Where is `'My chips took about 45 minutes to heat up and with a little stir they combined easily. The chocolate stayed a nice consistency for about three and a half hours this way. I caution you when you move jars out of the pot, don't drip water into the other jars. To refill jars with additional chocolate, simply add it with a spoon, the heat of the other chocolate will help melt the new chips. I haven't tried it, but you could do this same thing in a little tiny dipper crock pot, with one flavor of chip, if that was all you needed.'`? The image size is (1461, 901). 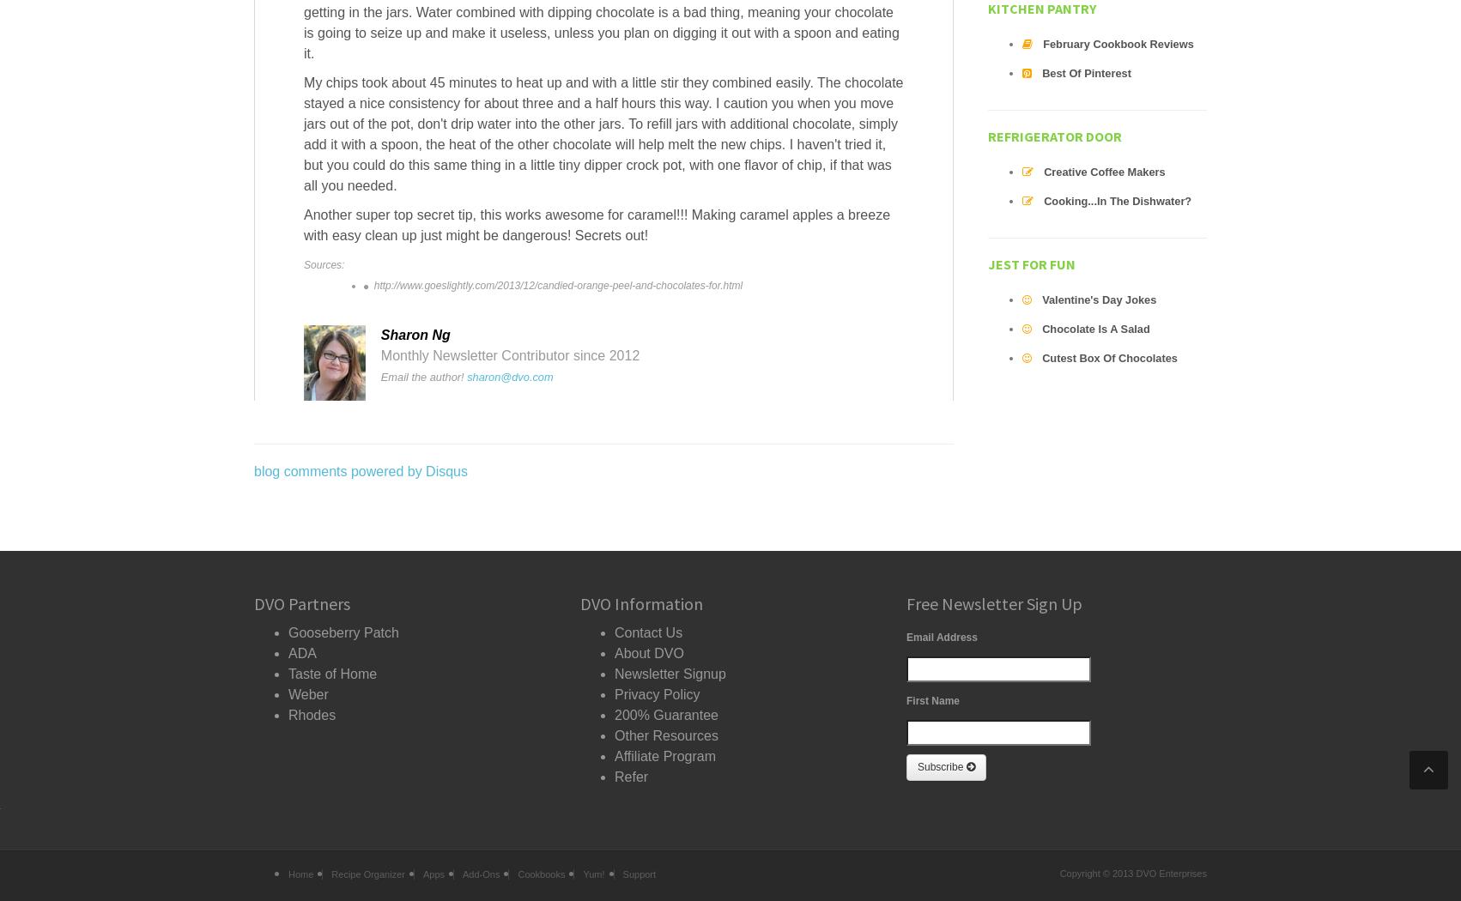
'My chips took about 45 minutes to heat up and with a little stir they combined easily. The chocolate stayed a nice consistency for about three and a half hours this way. I caution you when you move jars out of the pot, don't drip water into the other jars. To refill jars with additional chocolate, simply add it with a spoon, the heat of the other chocolate will help melt the new chips. I haven't tried it, but you could do this same thing in a little tiny dipper crock pot, with one flavor of chip, if that was all you needed.' is located at coordinates (603, 134).